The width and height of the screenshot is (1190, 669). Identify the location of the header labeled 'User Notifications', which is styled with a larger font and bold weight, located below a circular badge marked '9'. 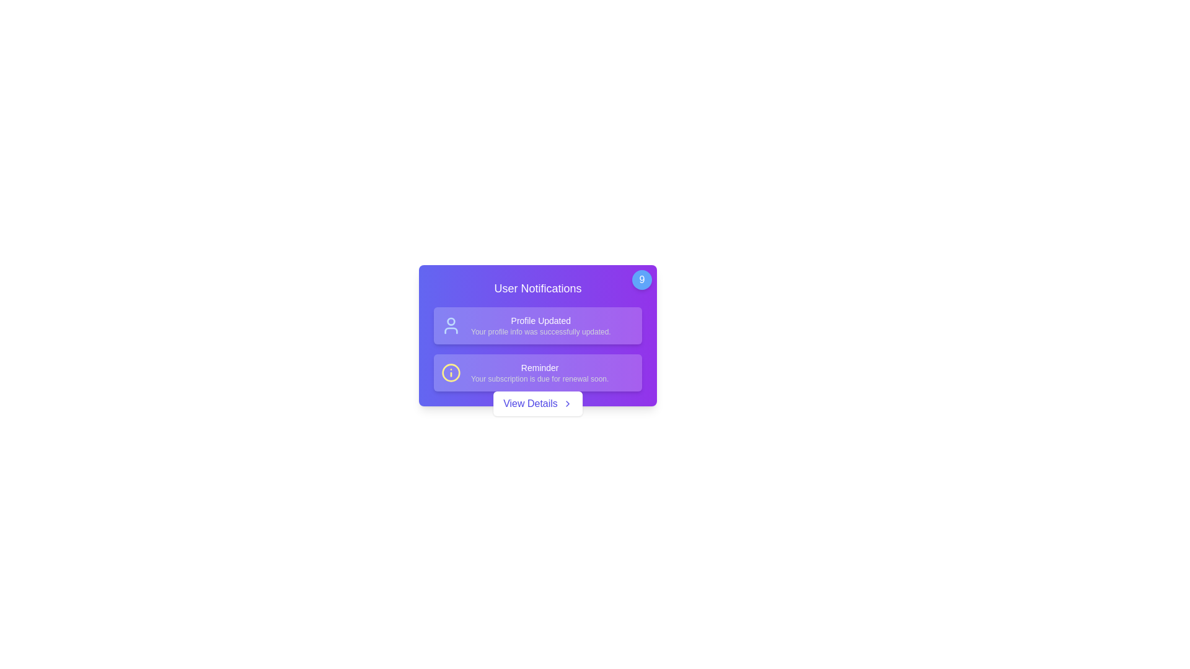
(538, 289).